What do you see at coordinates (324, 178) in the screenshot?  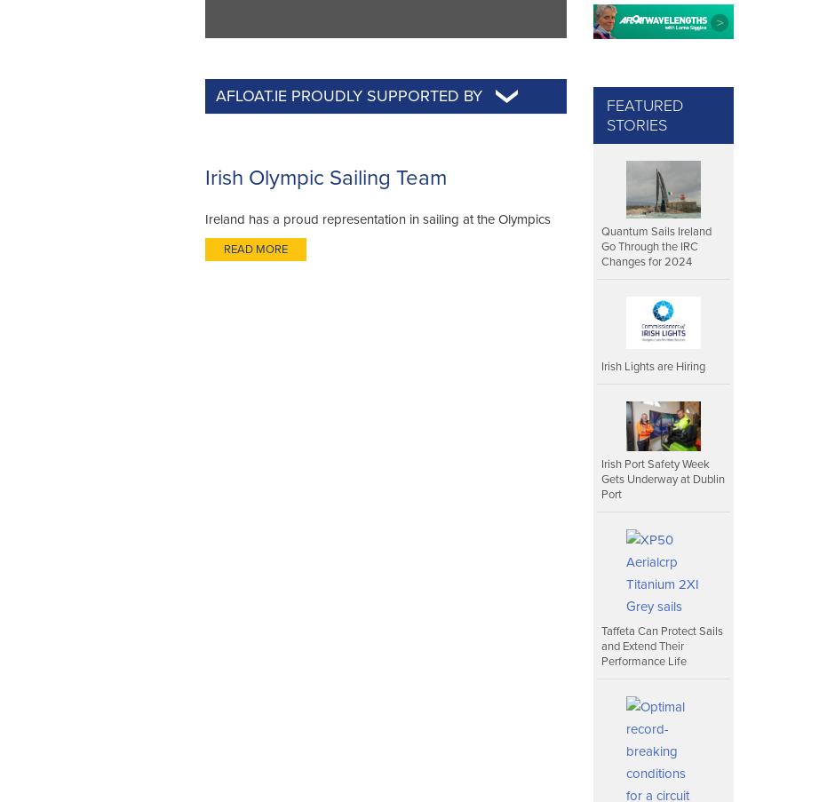 I see `'Irish Olympic Sailing Team'` at bounding box center [324, 178].